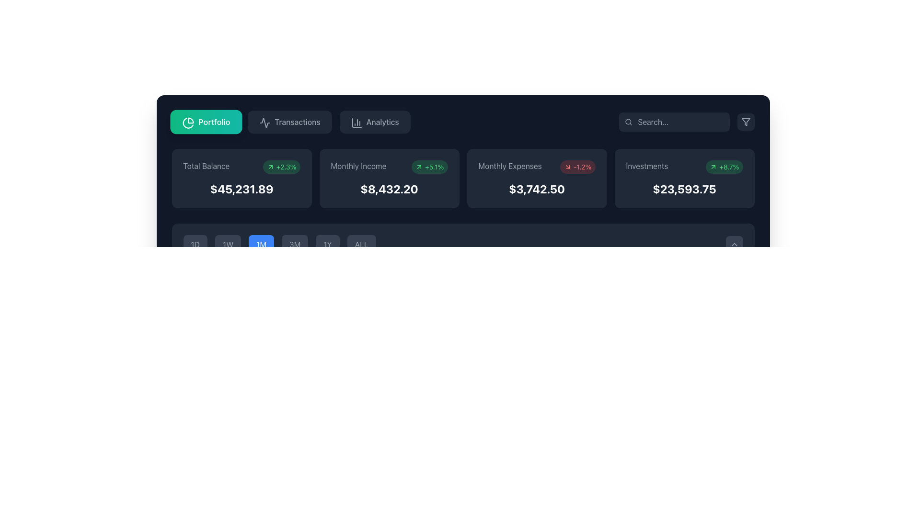 The image size is (920, 517). I want to click on the chevron arrow icon embedded in the button, so click(734, 244).